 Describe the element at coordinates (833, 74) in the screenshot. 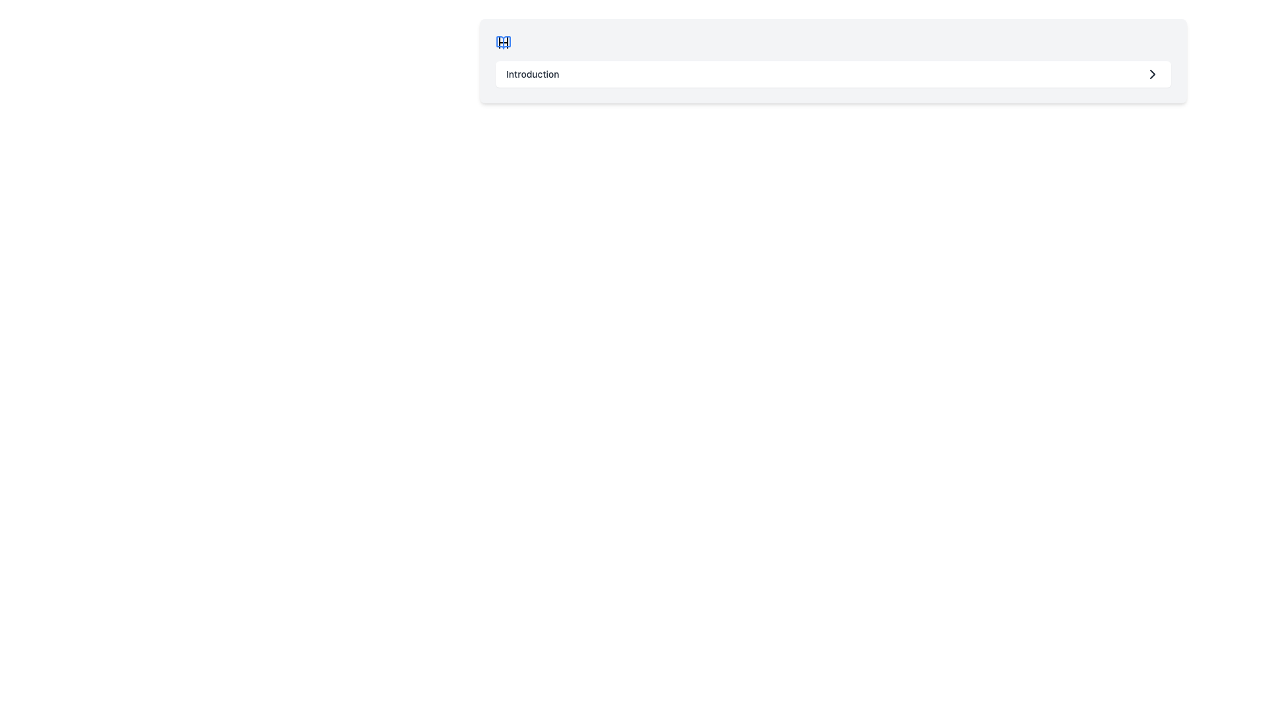

I see `the 'Introduction' button in the navigation menu` at that location.